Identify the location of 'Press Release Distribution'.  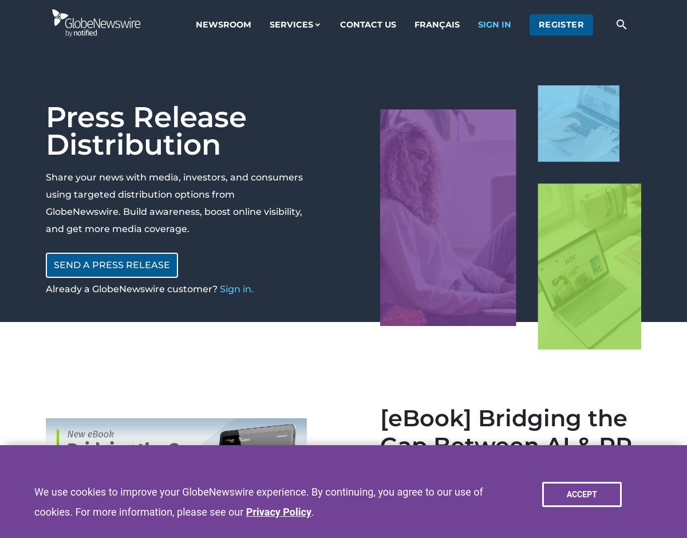
(145, 131).